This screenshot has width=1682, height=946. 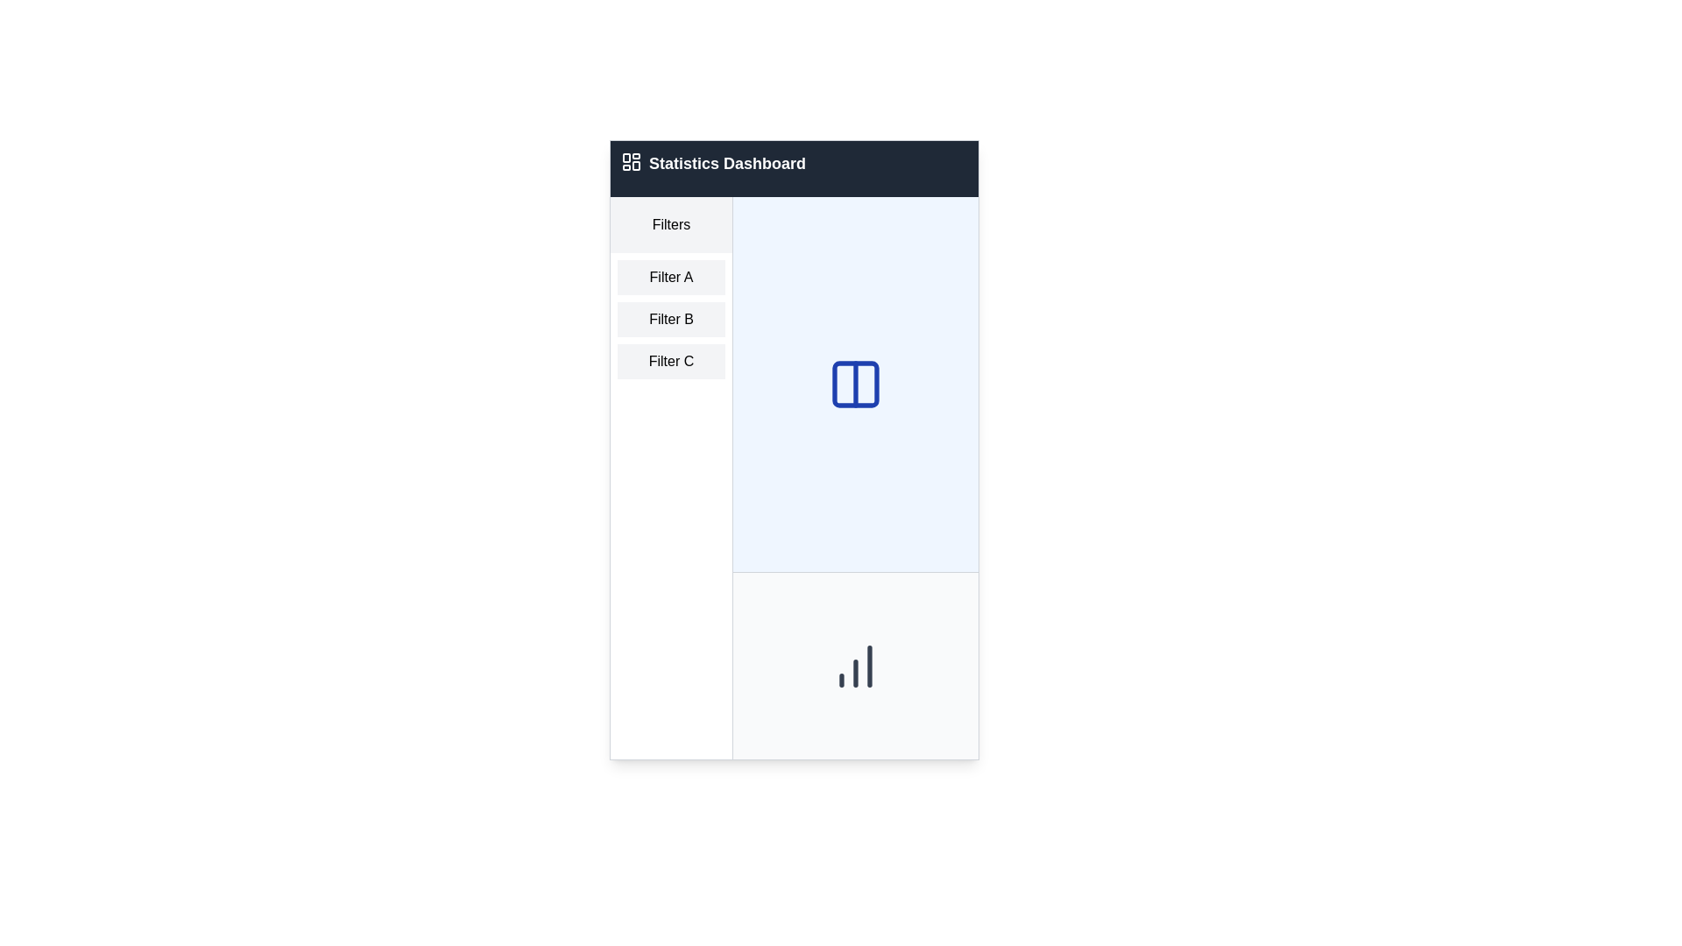 What do you see at coordinates (670, 276) in the screenshot?
I see `the topmost button labeled 'Filter A' in the left panel under the 'Filters' section` at bounding box center [670, 276].